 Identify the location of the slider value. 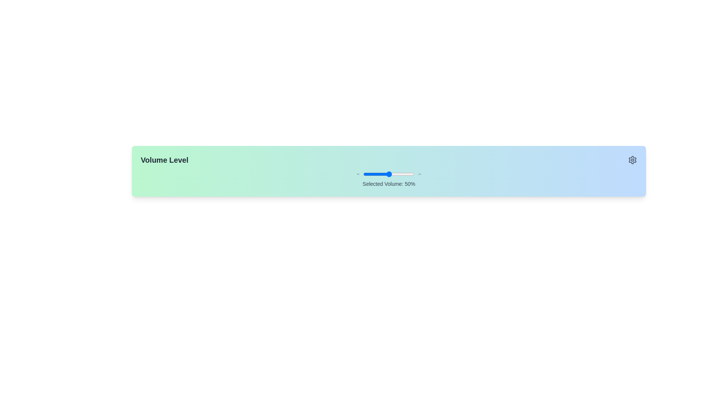
(368, 174).